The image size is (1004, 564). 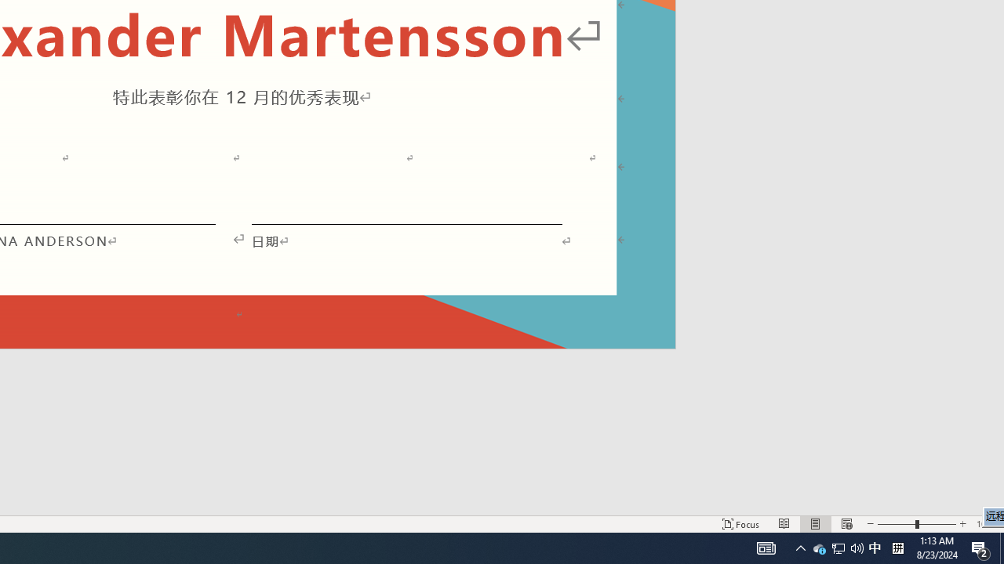 I want to click on 'Zoom Out', so click(x=897, y=524).